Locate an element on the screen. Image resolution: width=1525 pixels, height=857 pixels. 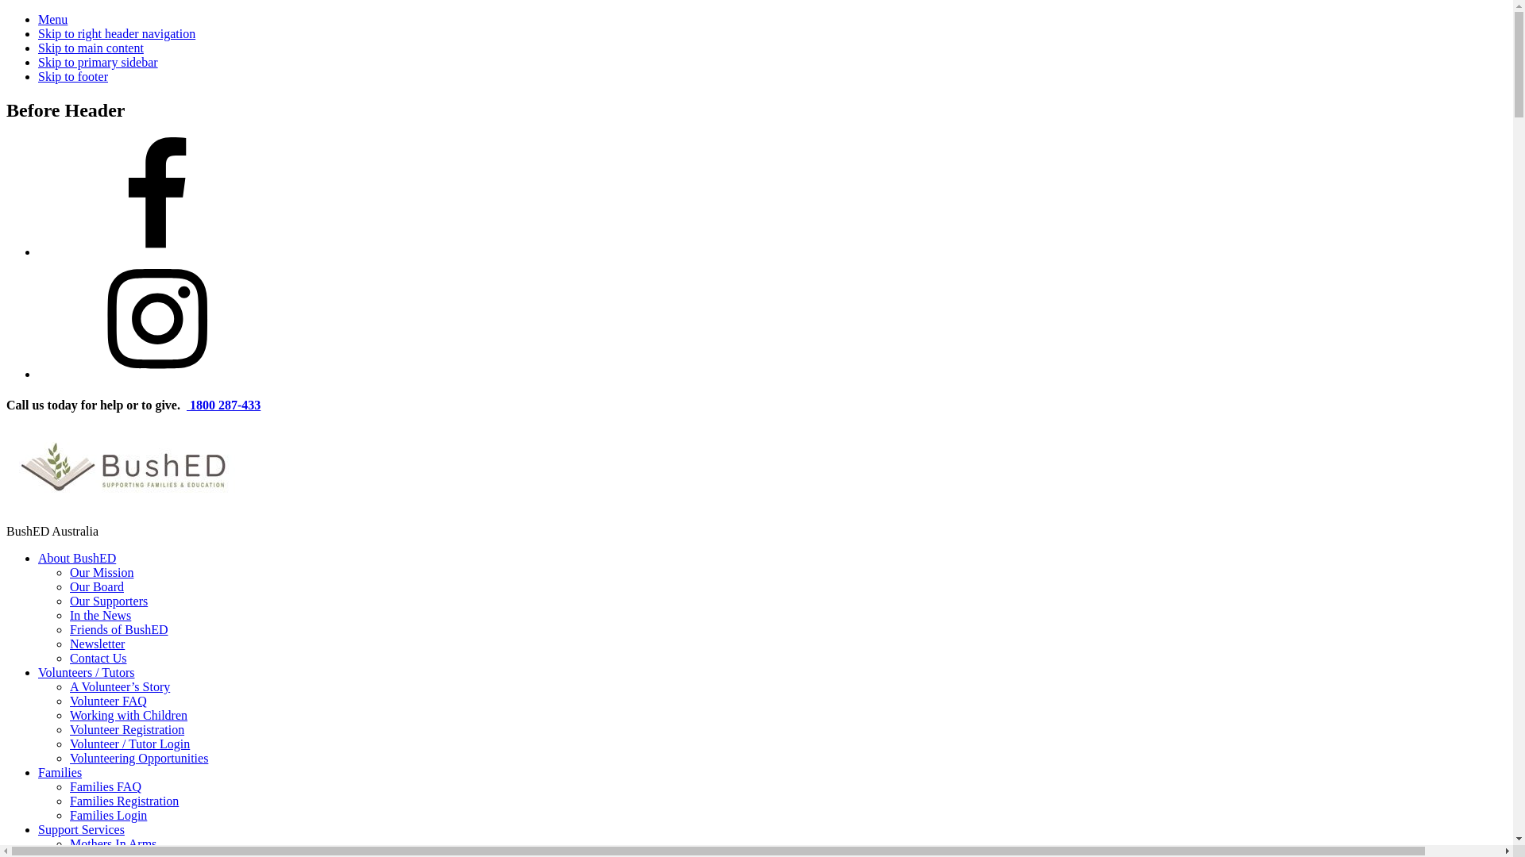
'Volunteering Opportunities' is located at coordinates (68, 757).